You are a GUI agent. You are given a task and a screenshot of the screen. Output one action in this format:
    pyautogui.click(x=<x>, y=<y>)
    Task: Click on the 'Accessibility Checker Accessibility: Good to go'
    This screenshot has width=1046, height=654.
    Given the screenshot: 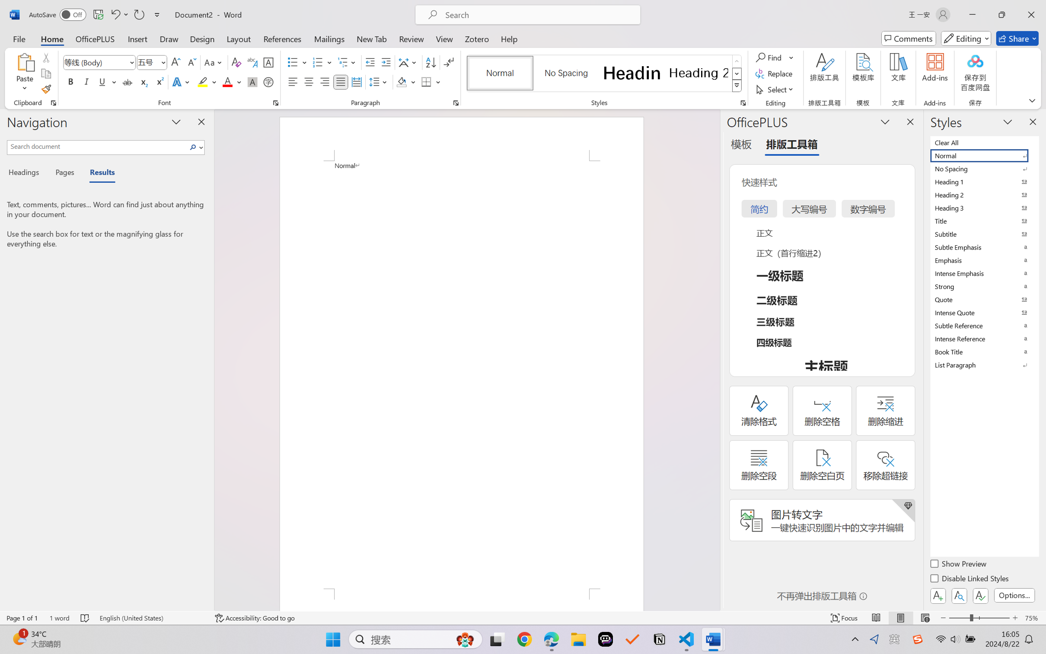 What is the action you would take?
    pyautogui.click(x=254, y=618)
    